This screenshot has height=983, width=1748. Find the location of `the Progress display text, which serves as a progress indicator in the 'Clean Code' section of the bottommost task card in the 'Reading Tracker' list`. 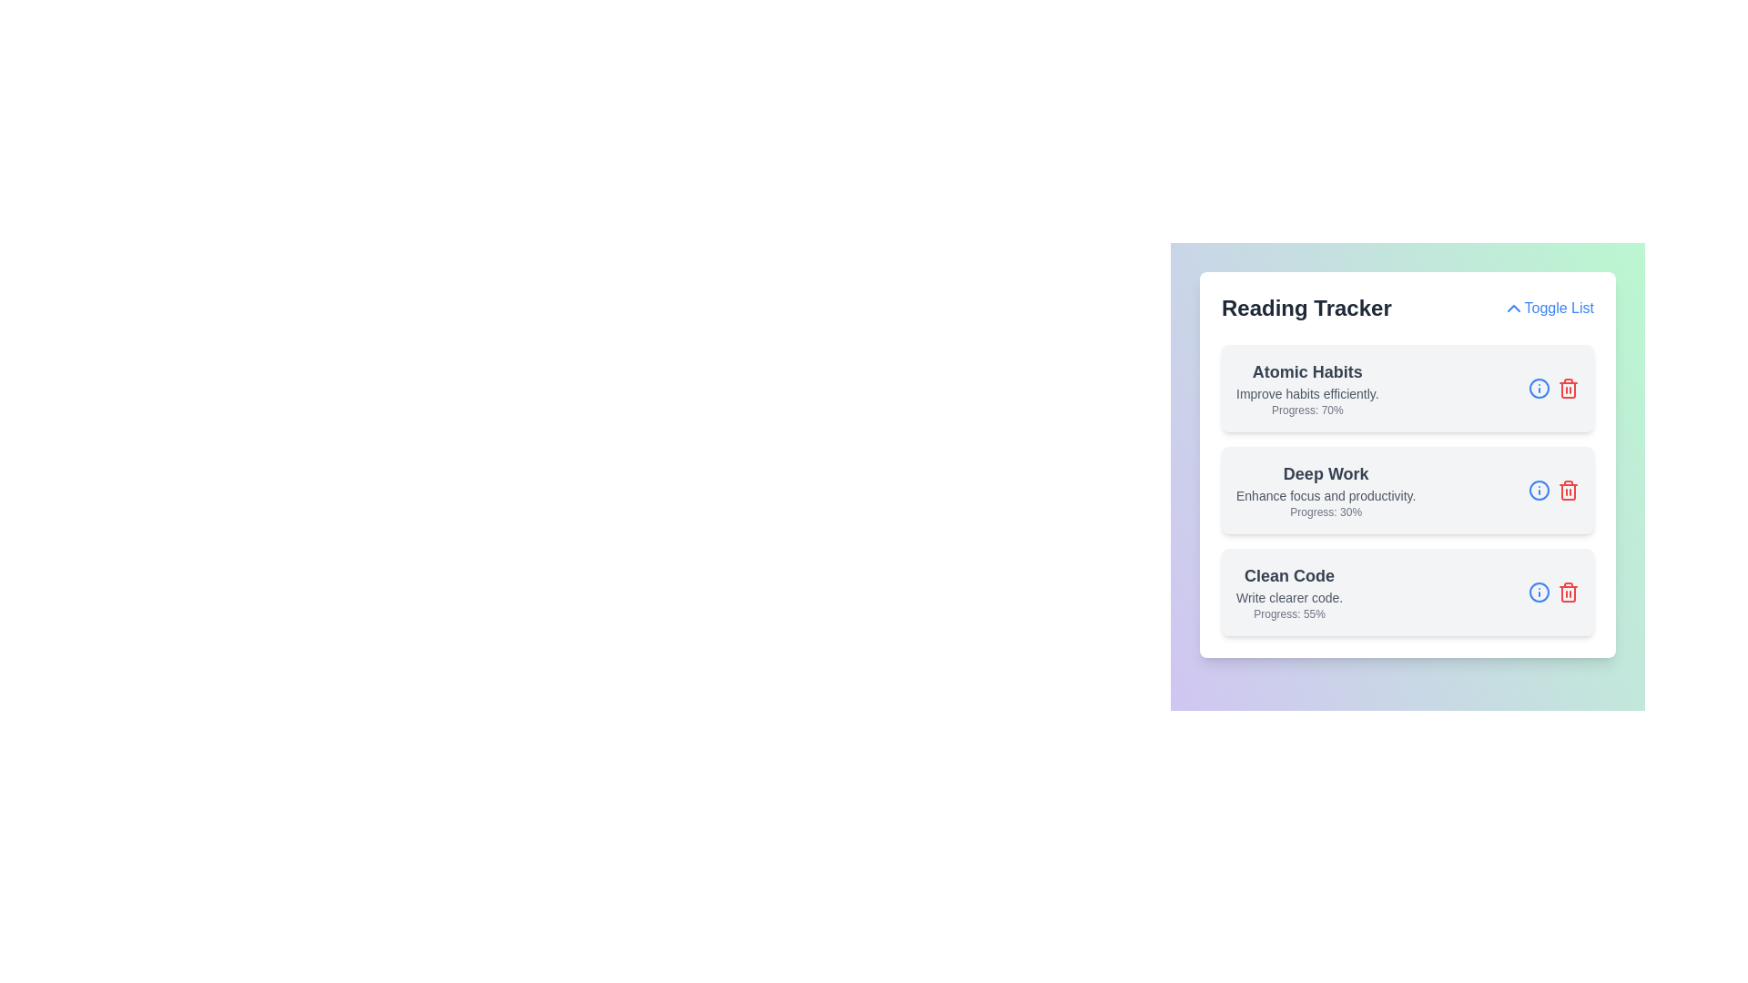

the Progress display text, which serves as a progress indicator in the 'Clean Code' section of the bottommost task card in the 'Reading Tracker' list is located at coordinates (1288, 614).